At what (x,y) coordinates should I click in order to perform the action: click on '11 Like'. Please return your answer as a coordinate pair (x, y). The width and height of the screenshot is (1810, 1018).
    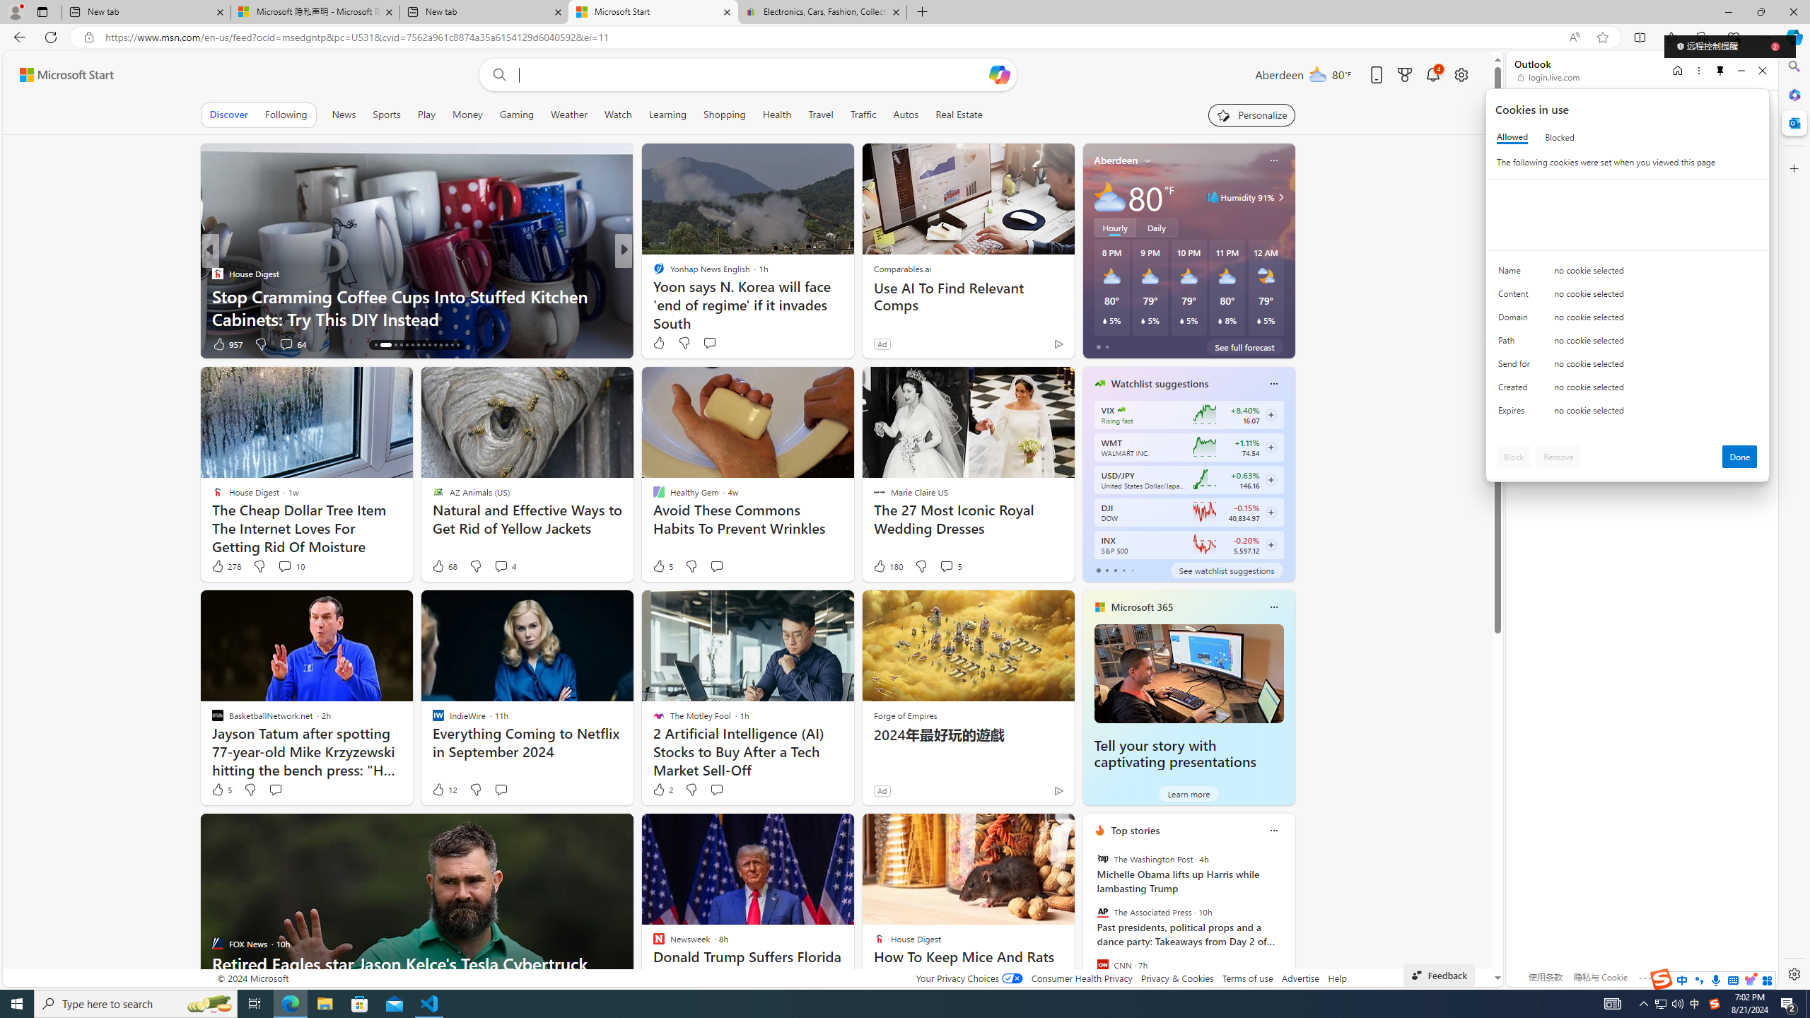
    Looking at the image, I should click on (660, 344).